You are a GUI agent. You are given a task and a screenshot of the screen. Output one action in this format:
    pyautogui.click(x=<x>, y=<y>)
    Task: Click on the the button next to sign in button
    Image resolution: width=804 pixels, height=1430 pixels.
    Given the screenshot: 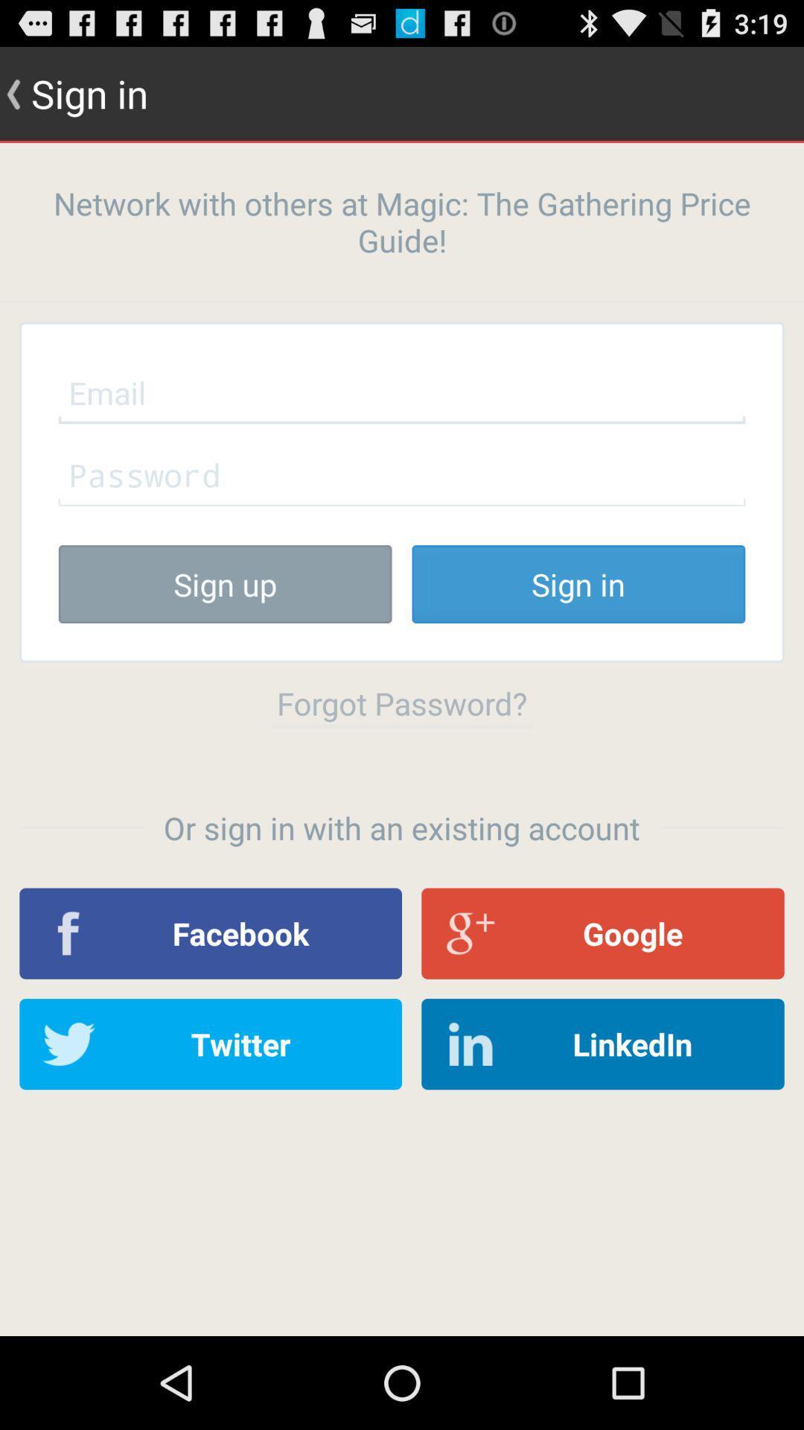 What is the action you would take?
    pyautogui.click(x=225, y=583)
    